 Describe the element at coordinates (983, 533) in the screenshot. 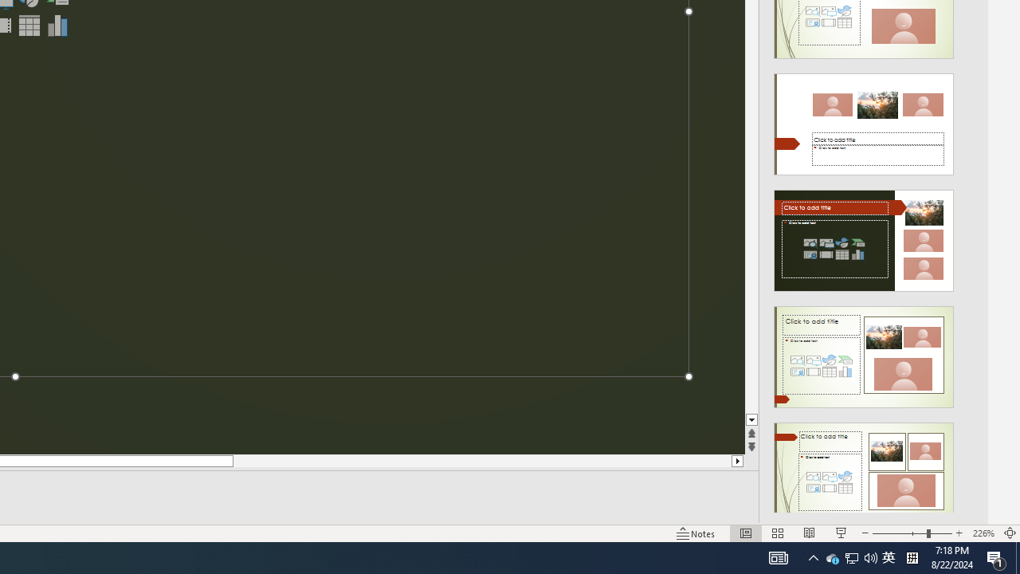

I see `'Zoom 226%'` at that location.